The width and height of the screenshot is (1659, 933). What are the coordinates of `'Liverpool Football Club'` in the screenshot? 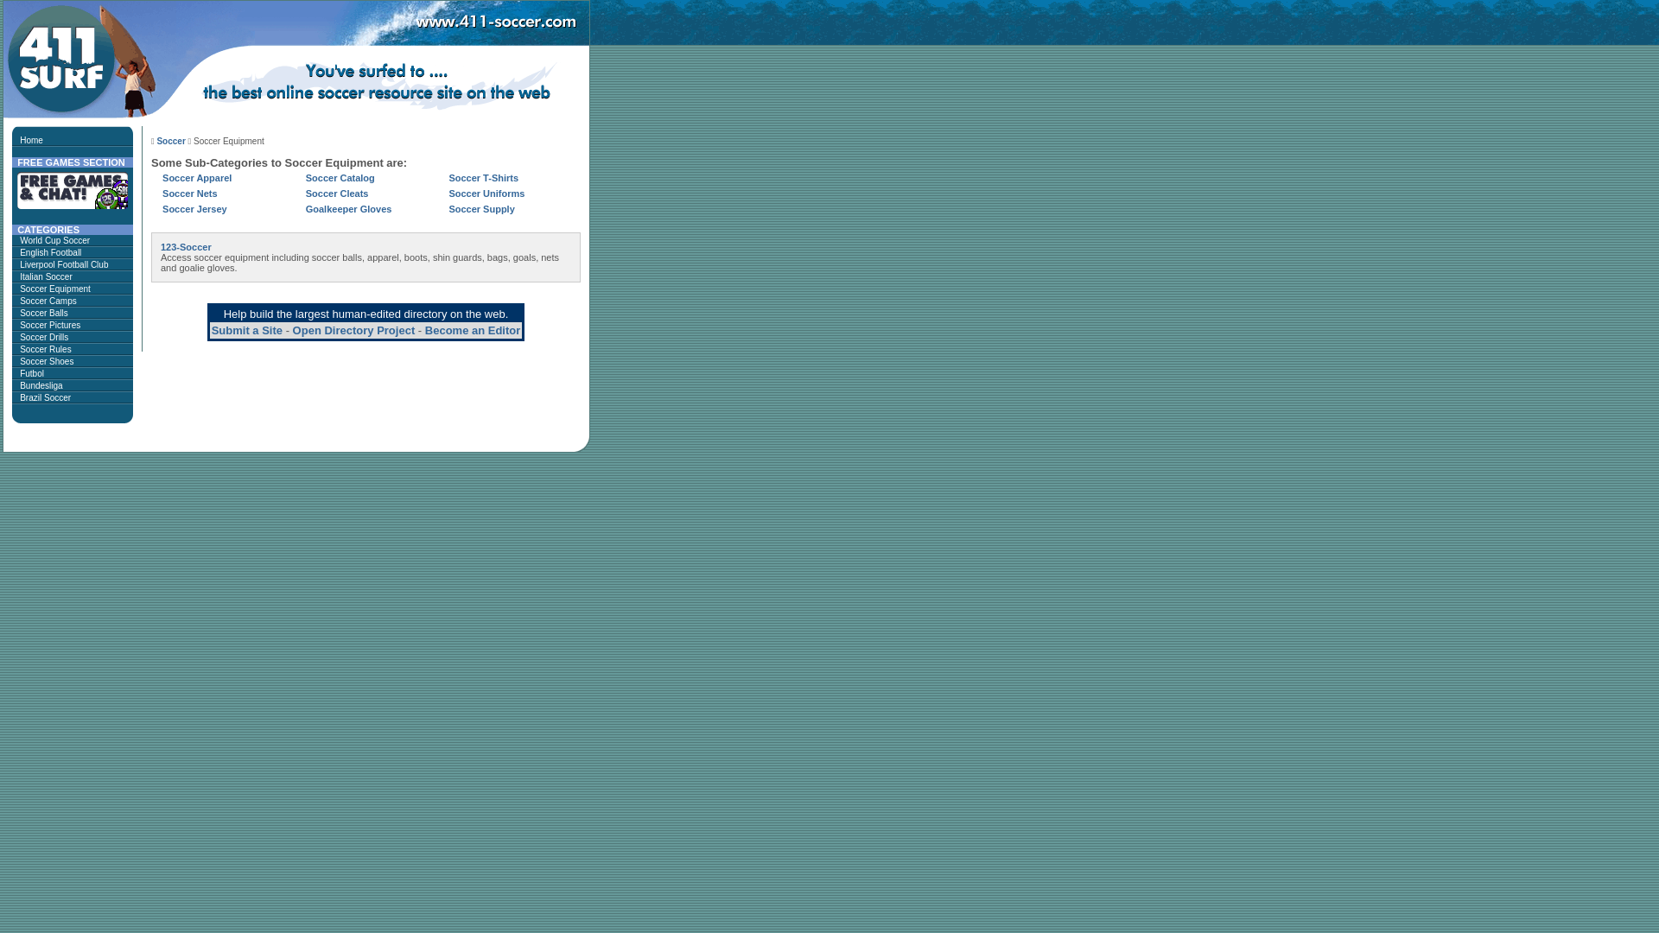 It's located at (63, 264).